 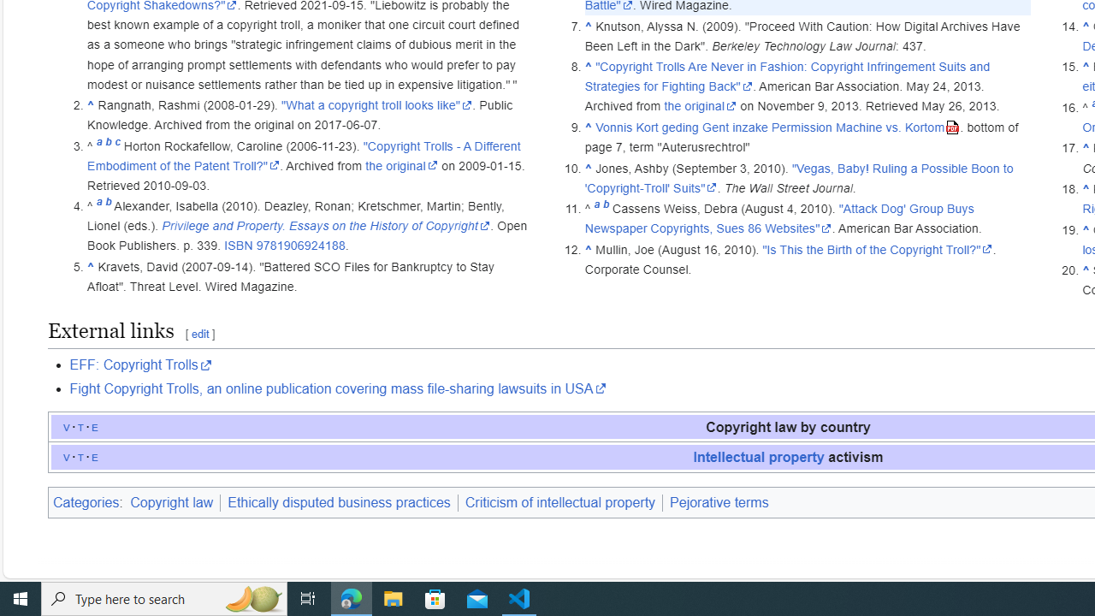 What do you see at coordinates (199, 334) in the screenshot?
I see `'edit'` at bounding box center [199, 334].